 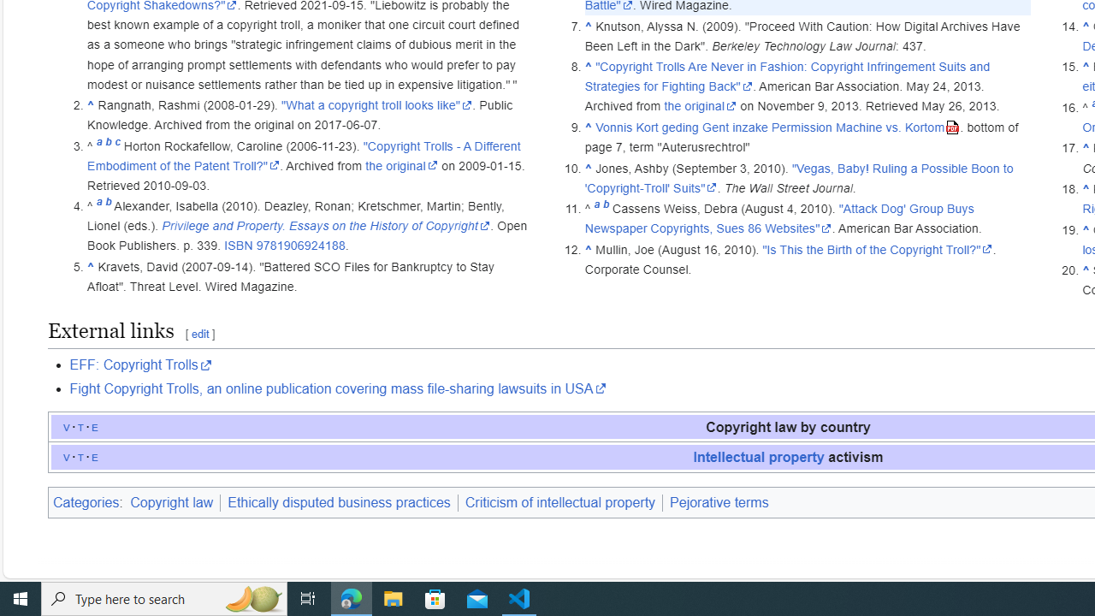 What do you see at coordinates (199, 334) in the screenshot?
I see `'edit'` at bounding box center [199, 334].